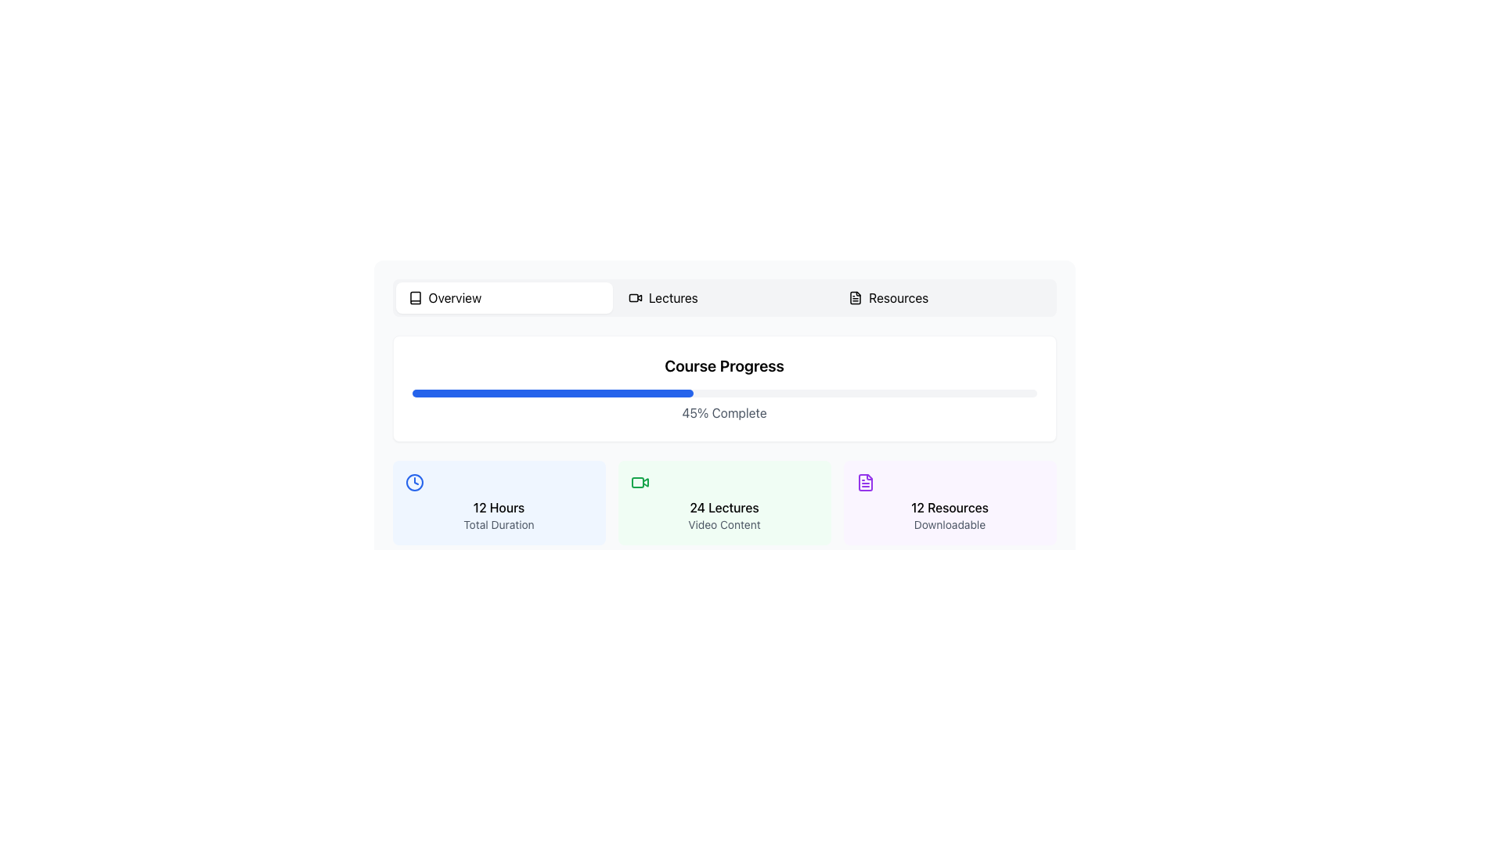  Describe the element at coordinates (723, 298) in the screenshot. I see `the 'Lectures' navigation tab located in the navigation bar` at that location.